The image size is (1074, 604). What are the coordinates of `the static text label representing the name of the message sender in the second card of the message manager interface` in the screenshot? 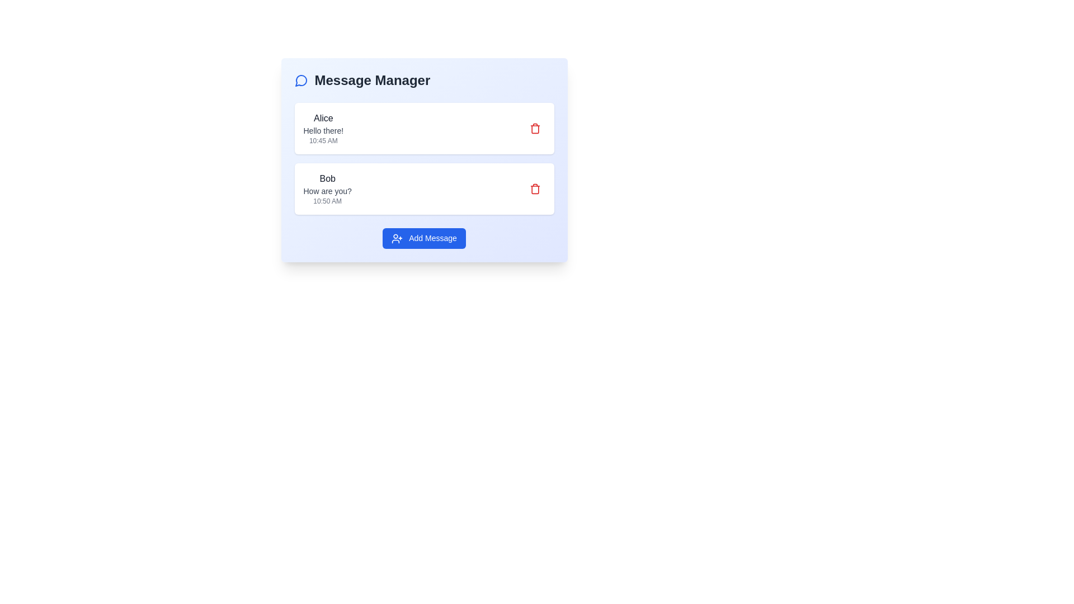 It's located at (327, 178).